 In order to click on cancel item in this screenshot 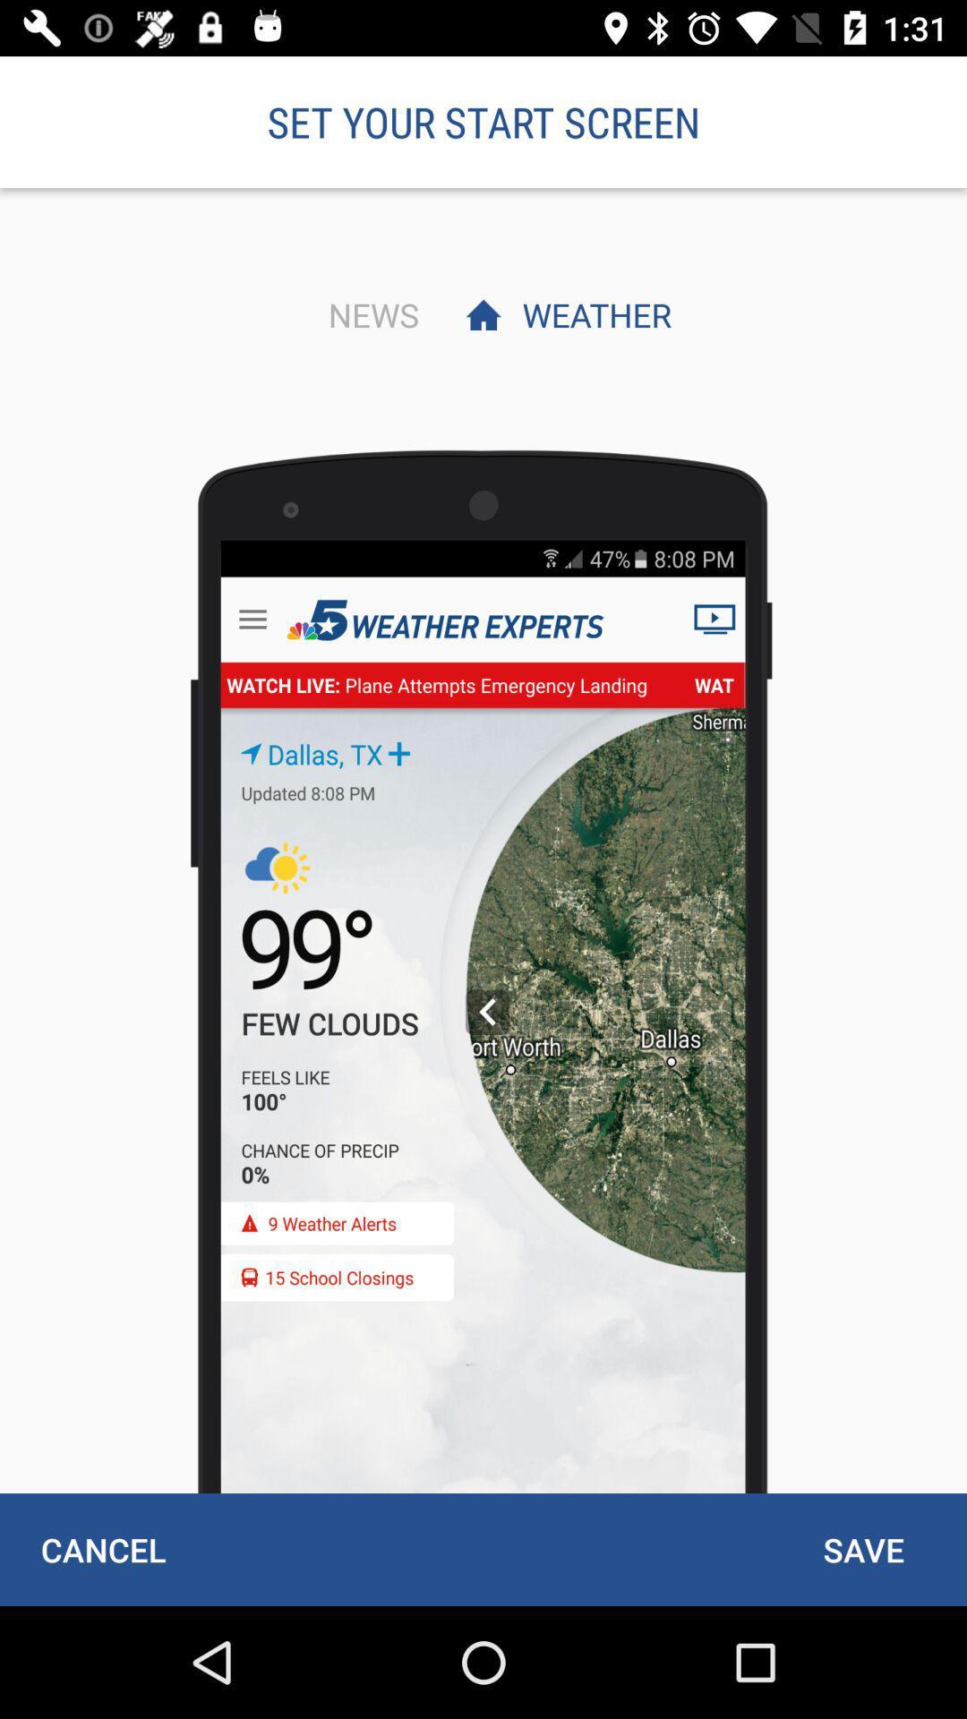, I will do `click(103, 1549)`.